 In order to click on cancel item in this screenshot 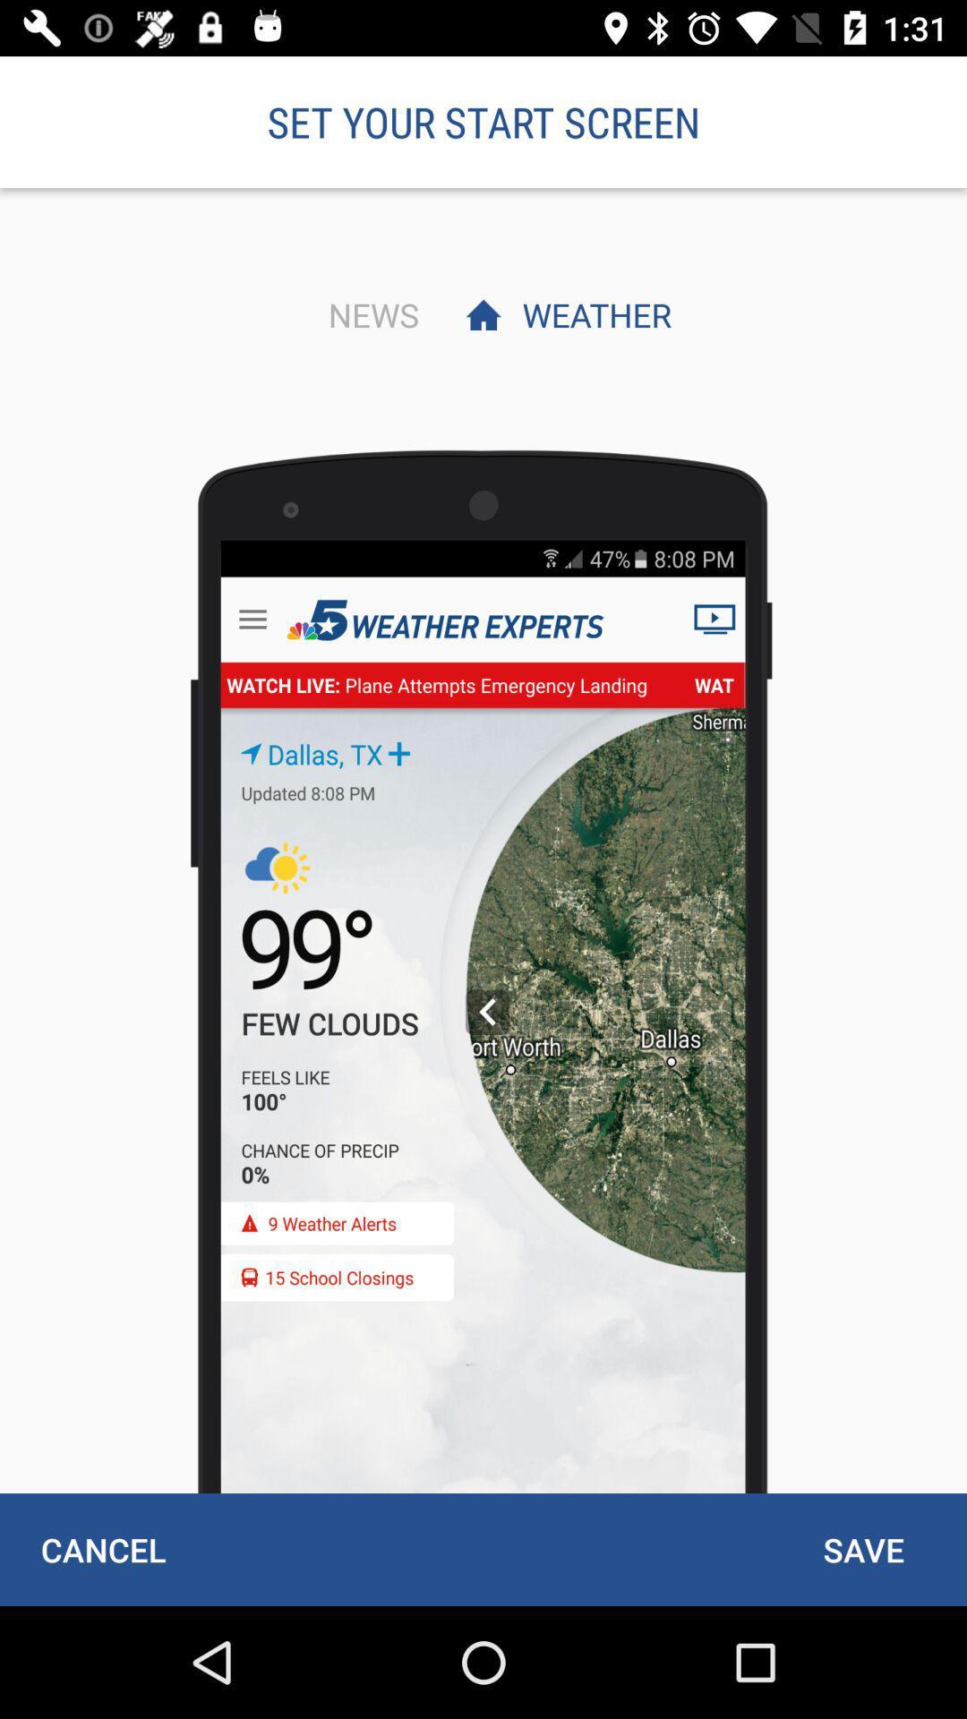, I will do `click(103, 1549)`.